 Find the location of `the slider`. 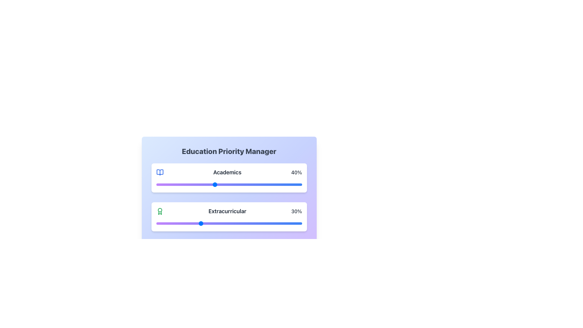

the slider is located at coordinates (291, 224).